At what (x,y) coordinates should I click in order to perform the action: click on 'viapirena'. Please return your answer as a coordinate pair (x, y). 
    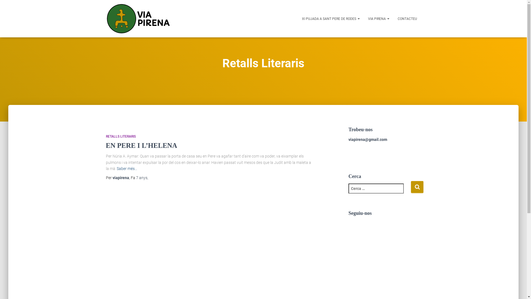
    Looking at the image, I should click on (112, 177).